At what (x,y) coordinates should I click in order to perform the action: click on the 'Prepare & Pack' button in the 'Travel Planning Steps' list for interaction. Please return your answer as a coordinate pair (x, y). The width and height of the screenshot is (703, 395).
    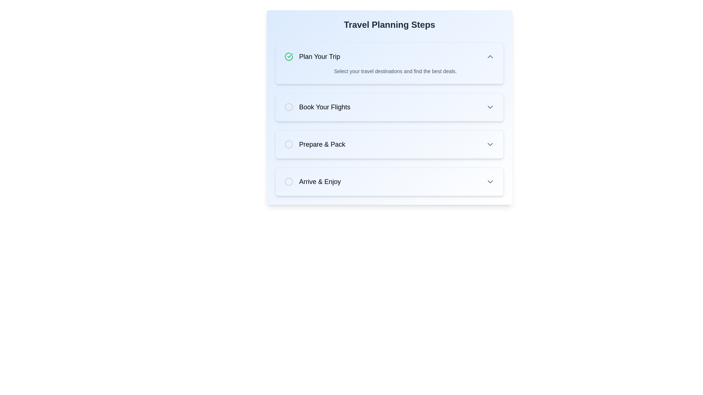
    Looking at the image, I should click on (389, 144).